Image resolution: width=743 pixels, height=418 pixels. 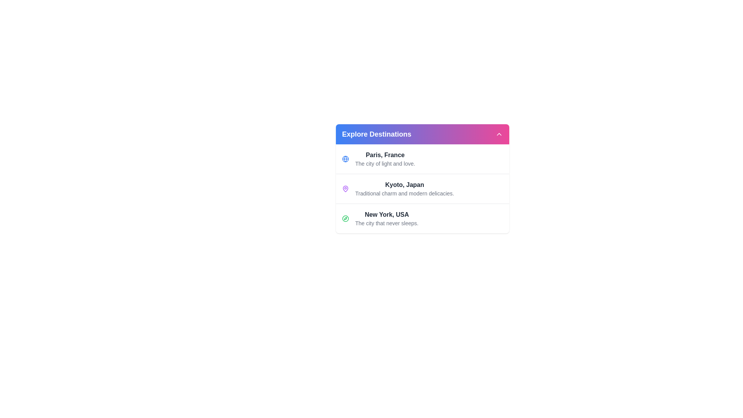 What do you see at coordinates (404, 189) in the screenshot?
I see `the text block displaying information about a specific destination, which is located between 'Paris, France' and 'New York, USA' in a vertical list` at bounding box center [404, 189].